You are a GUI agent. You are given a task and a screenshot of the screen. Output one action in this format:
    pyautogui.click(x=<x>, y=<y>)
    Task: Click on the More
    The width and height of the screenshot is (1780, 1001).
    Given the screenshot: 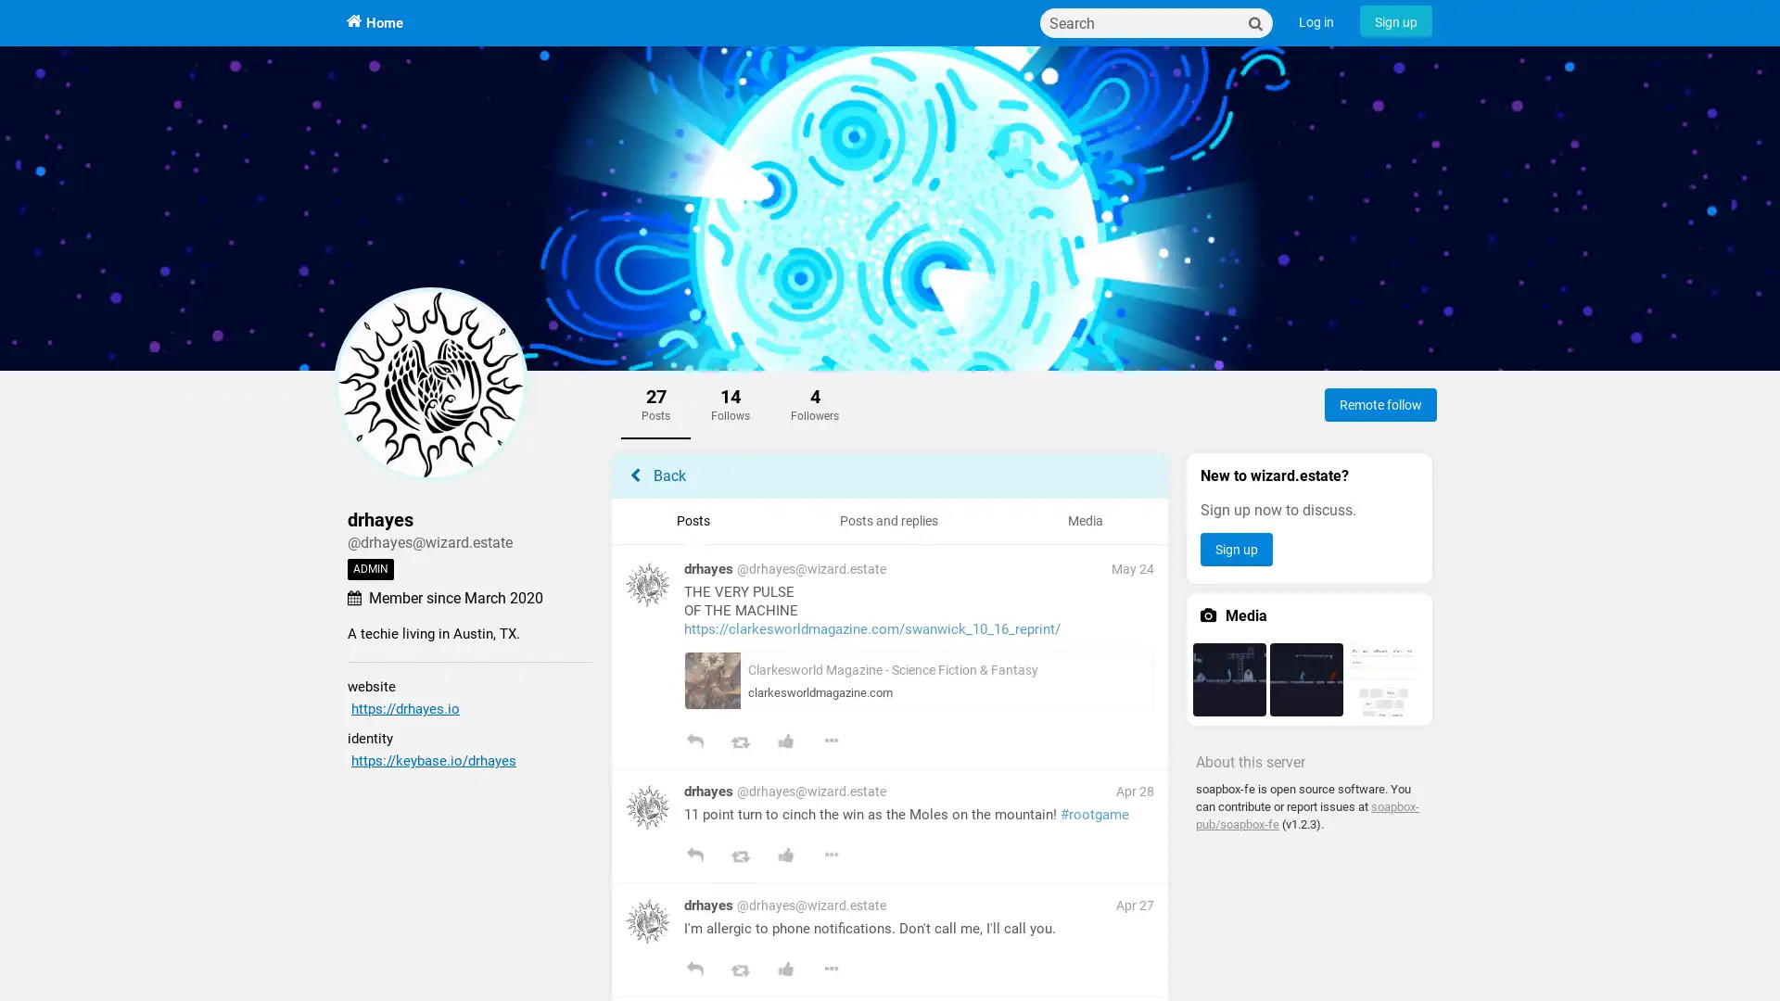 What is the action you would take?
    pyautogui.click(x=830, y=742)
    